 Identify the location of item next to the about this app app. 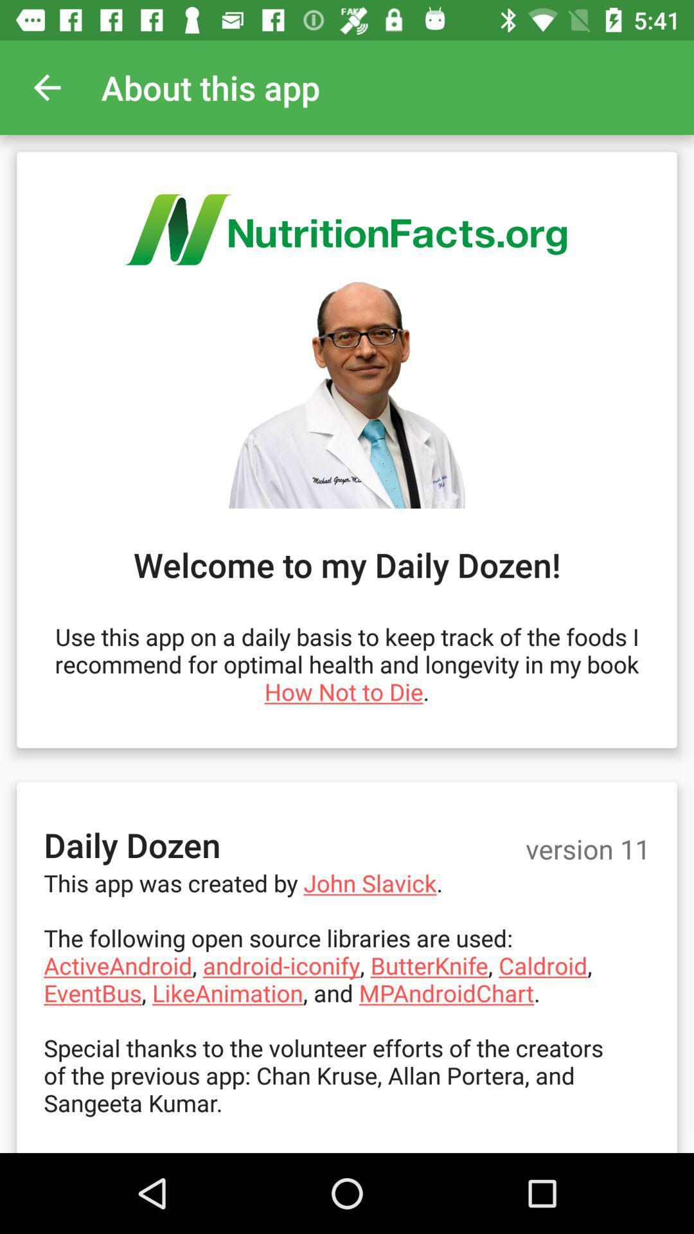
(46, 87).